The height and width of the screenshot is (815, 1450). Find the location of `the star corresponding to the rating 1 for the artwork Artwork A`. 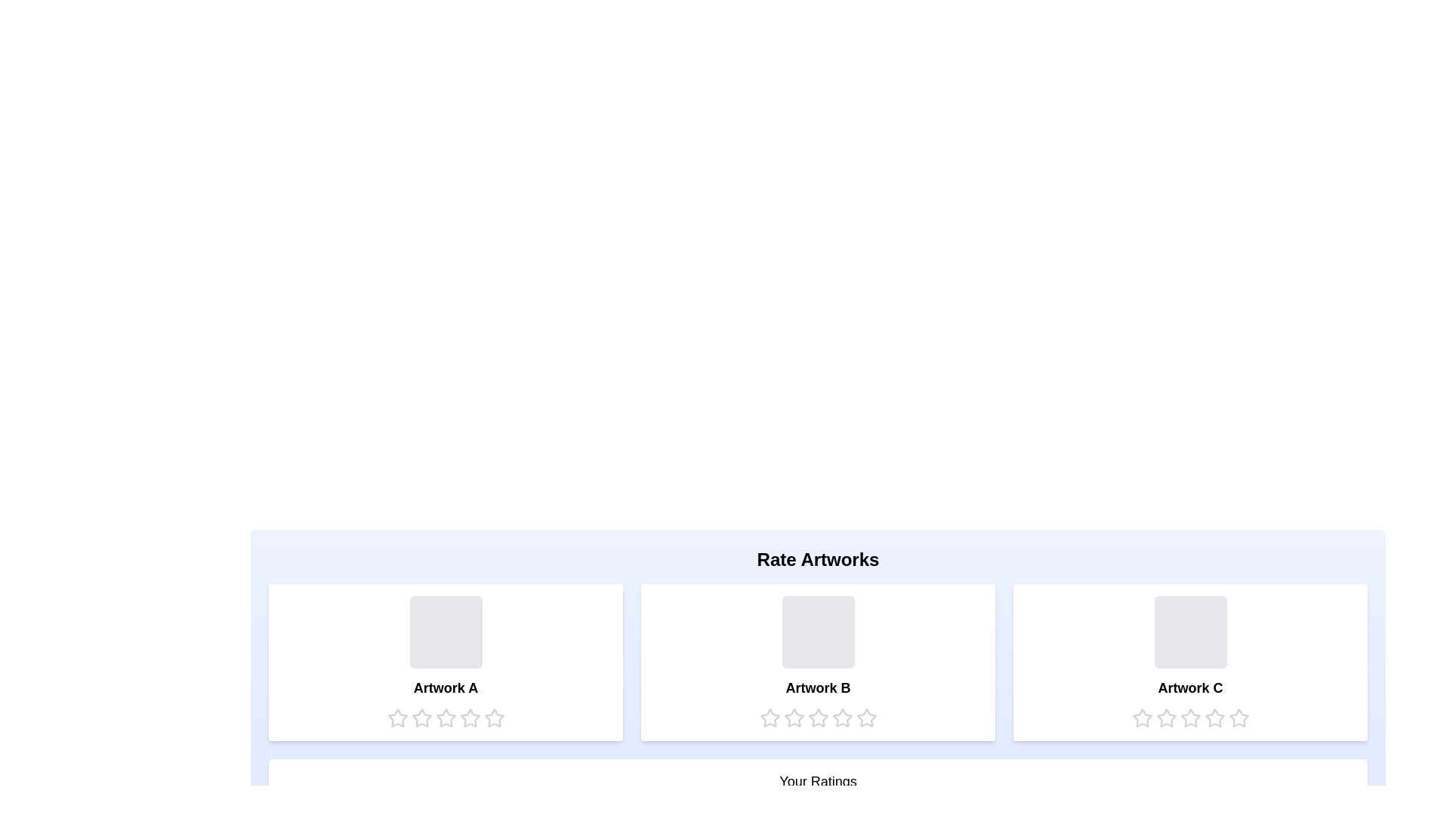

the star corresponding to the rating 1 for the artwork Artwork A is located at coordinates (397, 718).